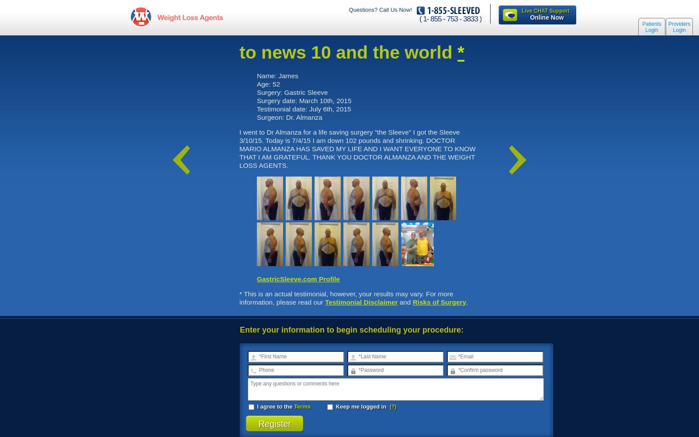  What do you see at coordinates (298, 278) in the screenshot?
I see `'GastricSleeve.com Profile'` at bounding box center [298, 278].